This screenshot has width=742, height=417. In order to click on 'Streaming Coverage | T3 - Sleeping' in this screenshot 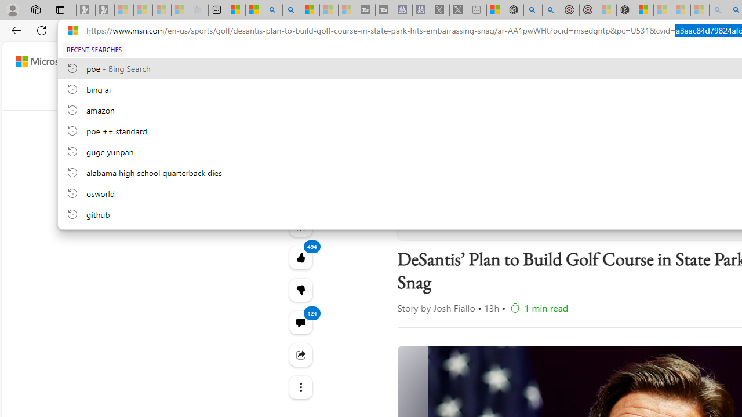, I will do `click(365, 10)`.